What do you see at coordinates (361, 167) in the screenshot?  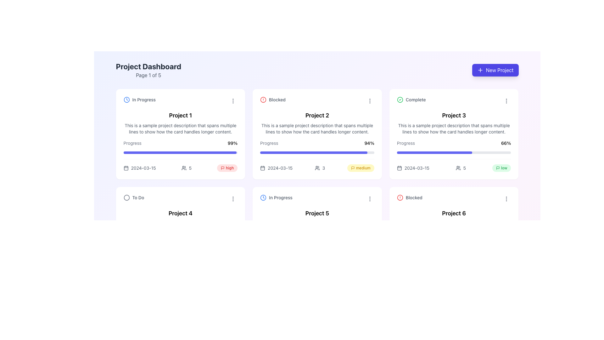 I see `the 'medium' priority badge UI component located at the bottom-right of the 'Project 2' card in the dashboard` at bounding box center [361, 167].